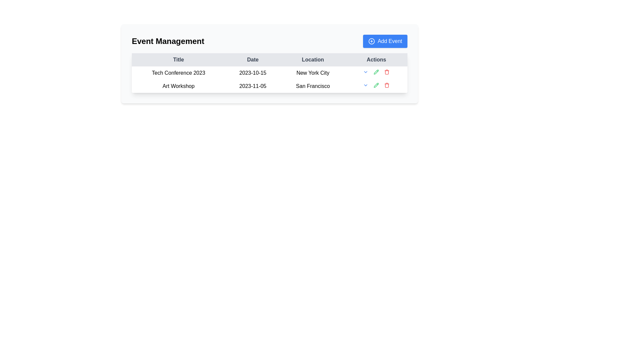  What do you see at coordinates (312, 73) in the screenshot?
I see `content displayed in the third column of the first row, which shows the location 'New York City' in the event management table` at bounding box center [312, 73].